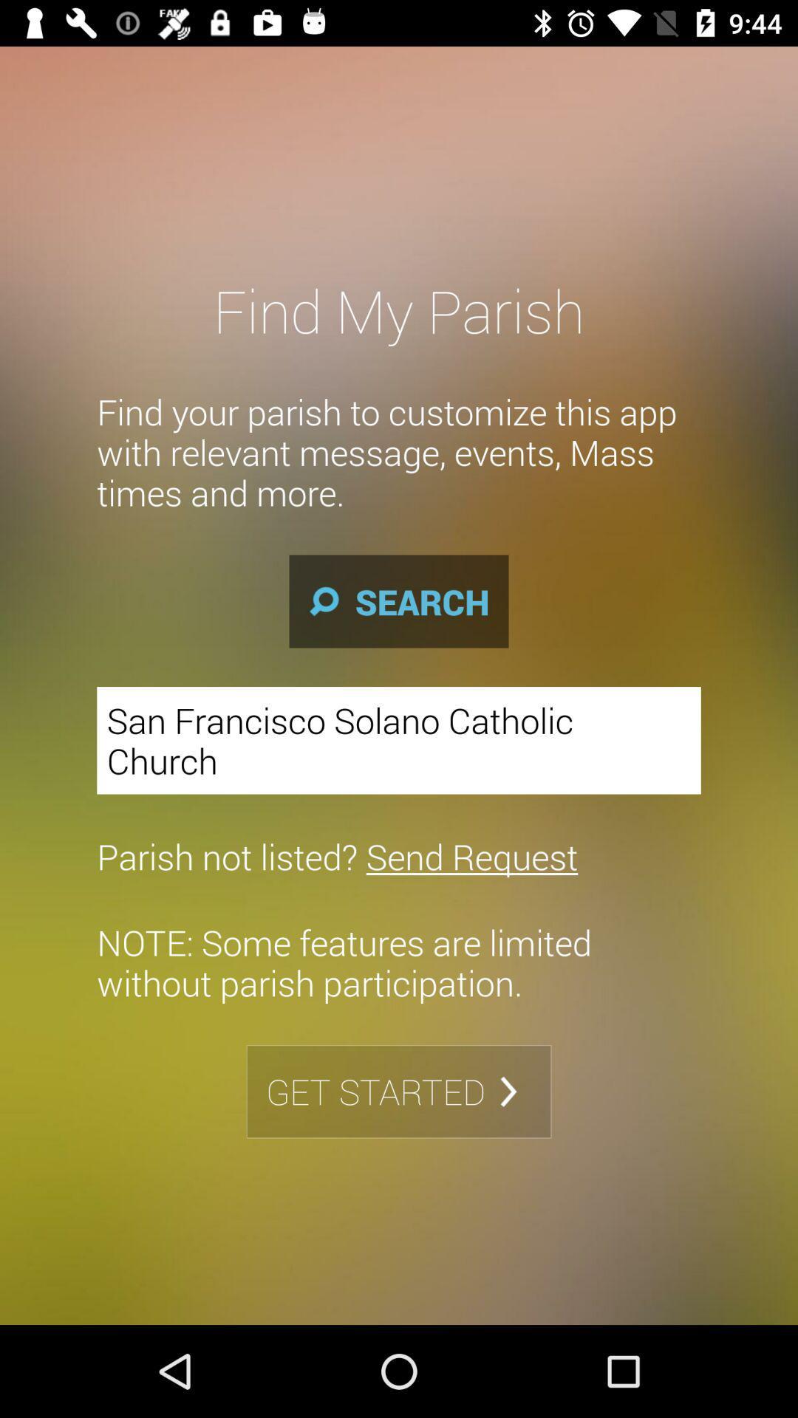 This screenshot has height=1418, width=798. What do you see at coordinates (399, 1092) in the screenshot?
I see `the get started` at bounding box center [399, 1092].